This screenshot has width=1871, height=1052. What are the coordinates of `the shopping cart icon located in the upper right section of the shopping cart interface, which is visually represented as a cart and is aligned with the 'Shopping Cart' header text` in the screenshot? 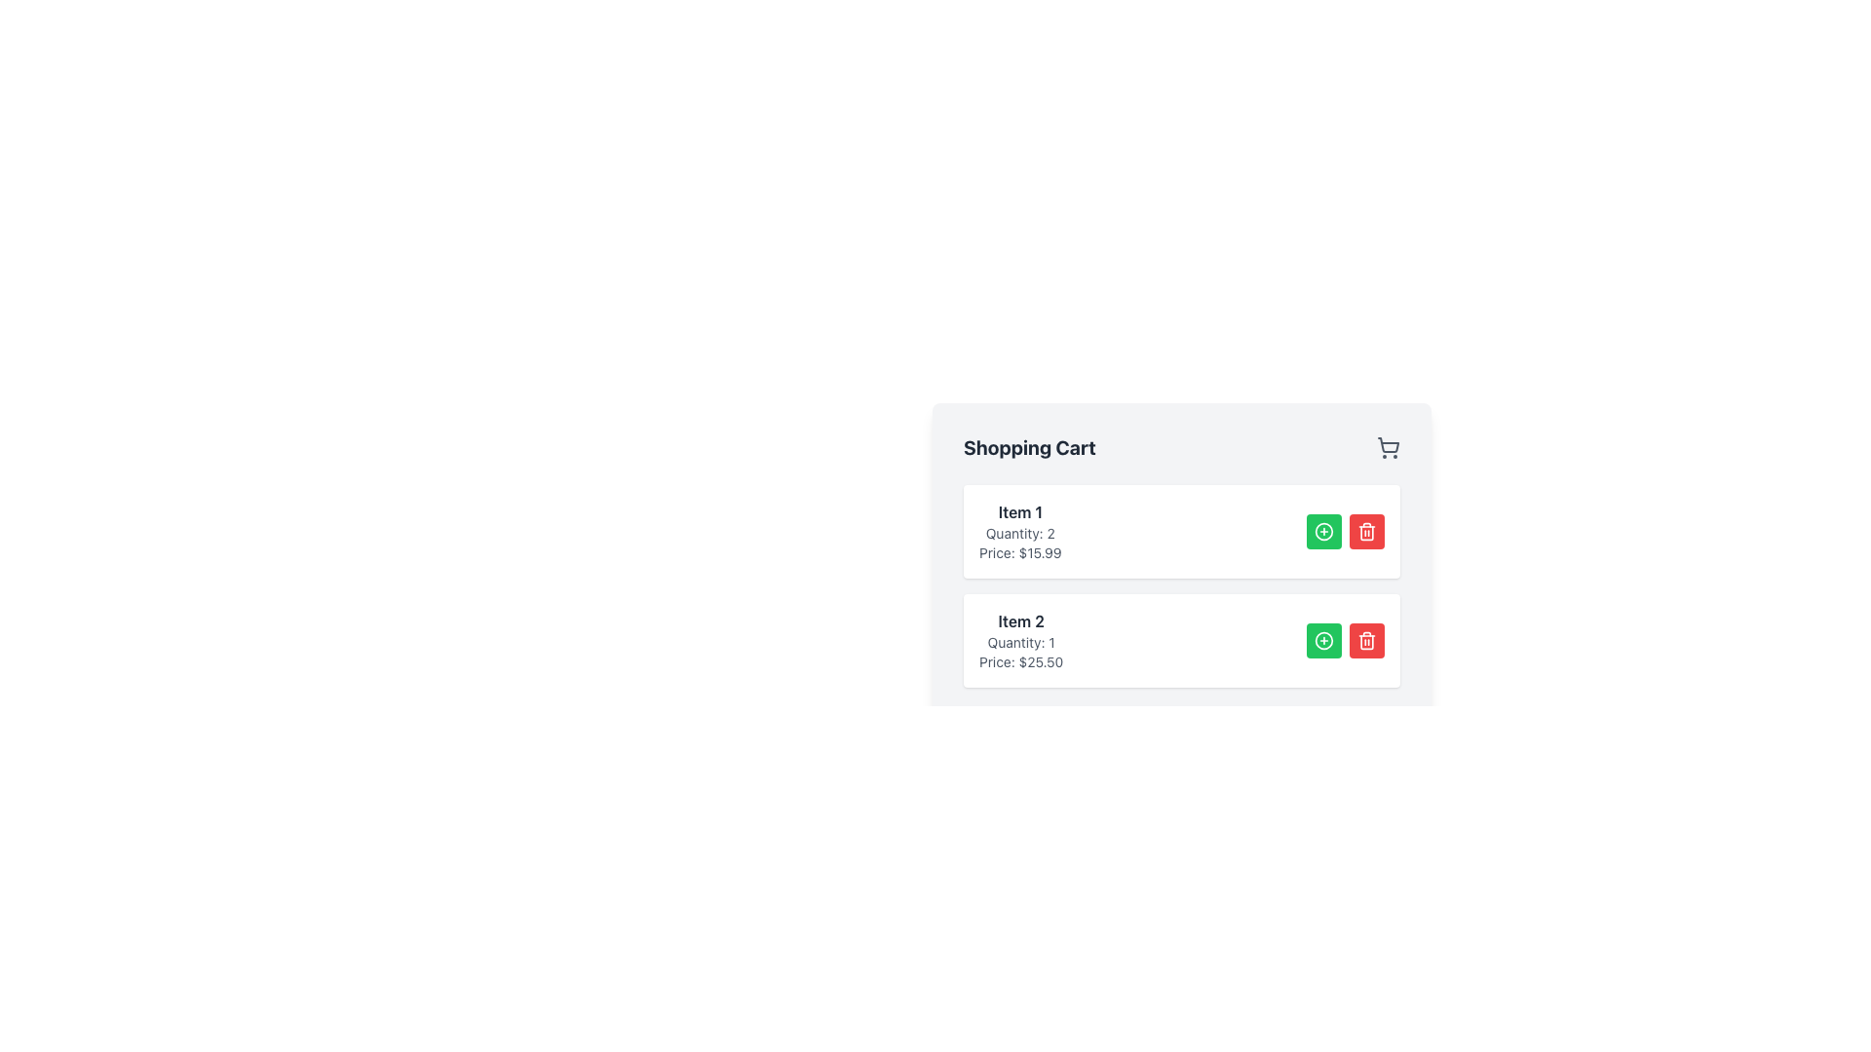 It's located at (1388, 447).